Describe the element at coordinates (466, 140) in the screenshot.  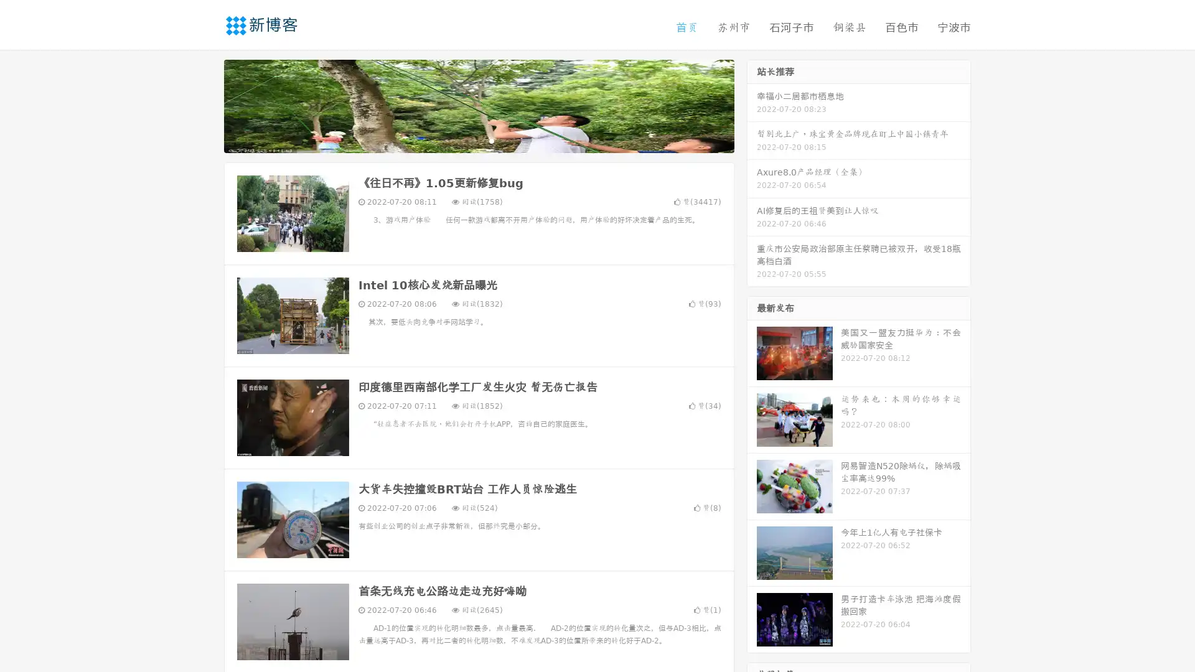
I see `Go to slide 1` at that location.